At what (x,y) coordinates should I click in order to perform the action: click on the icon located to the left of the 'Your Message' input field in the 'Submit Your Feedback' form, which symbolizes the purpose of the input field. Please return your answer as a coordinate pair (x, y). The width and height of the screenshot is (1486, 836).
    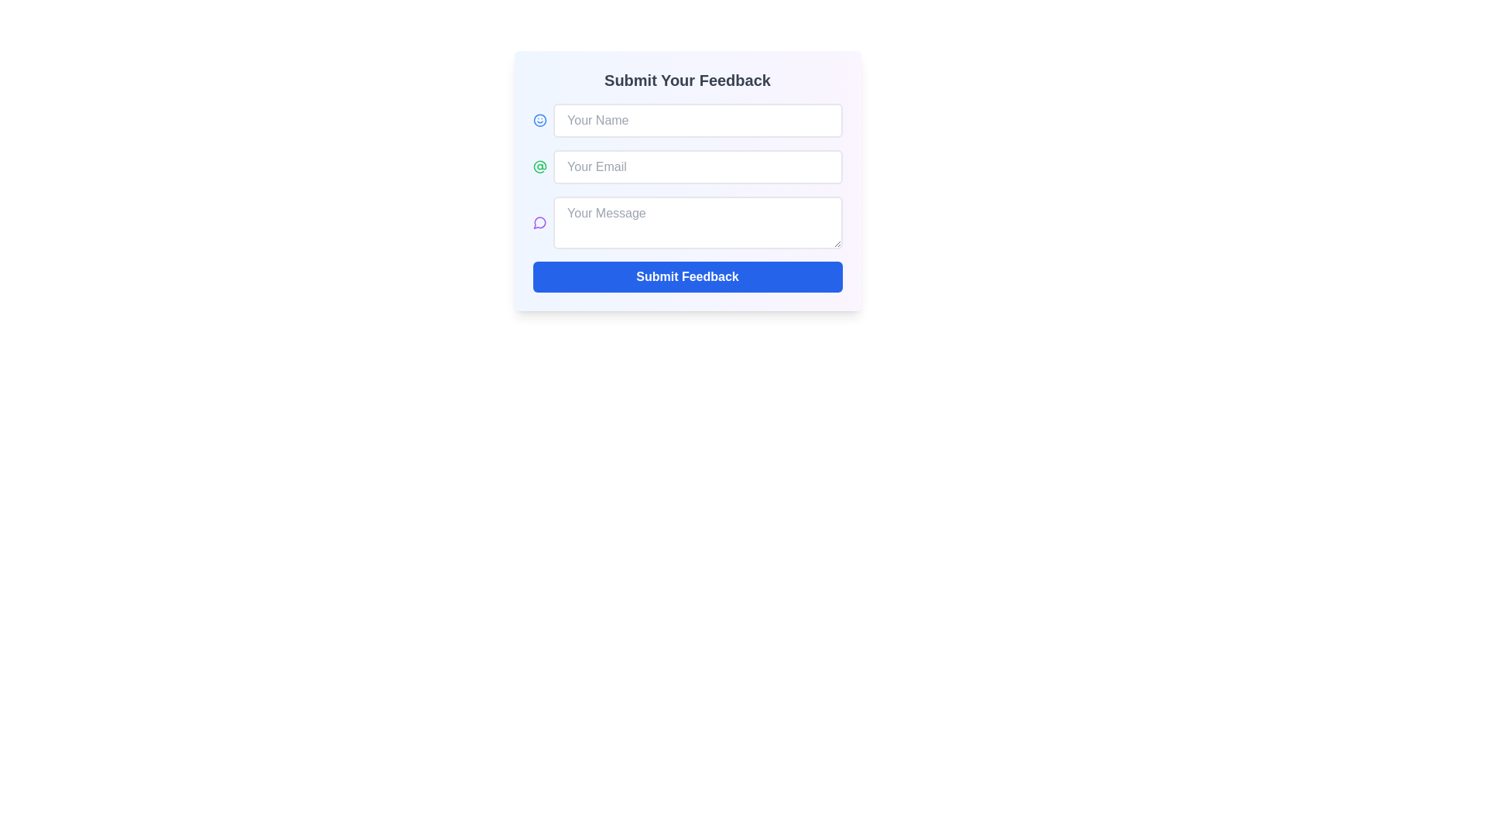
    Looking at the image, I should click on (539, 223).